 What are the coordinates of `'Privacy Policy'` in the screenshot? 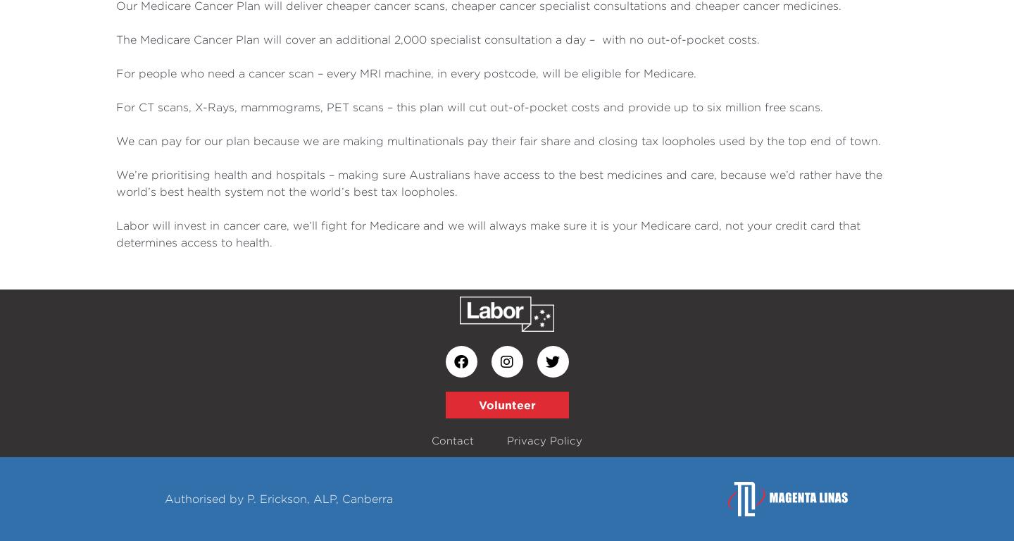 It's located at (544, 440).